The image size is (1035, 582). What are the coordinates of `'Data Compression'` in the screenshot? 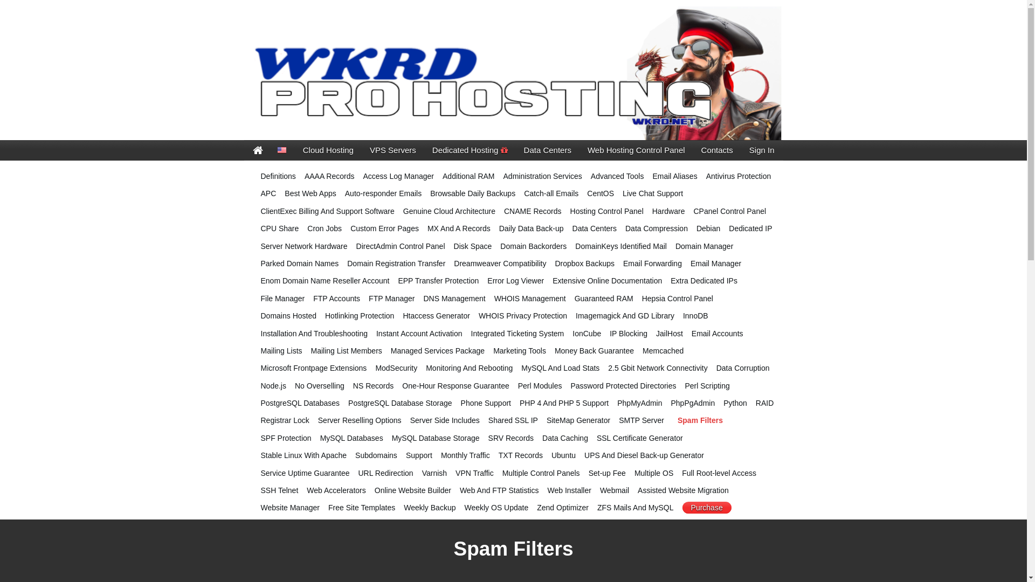 It's located at (656, 228).